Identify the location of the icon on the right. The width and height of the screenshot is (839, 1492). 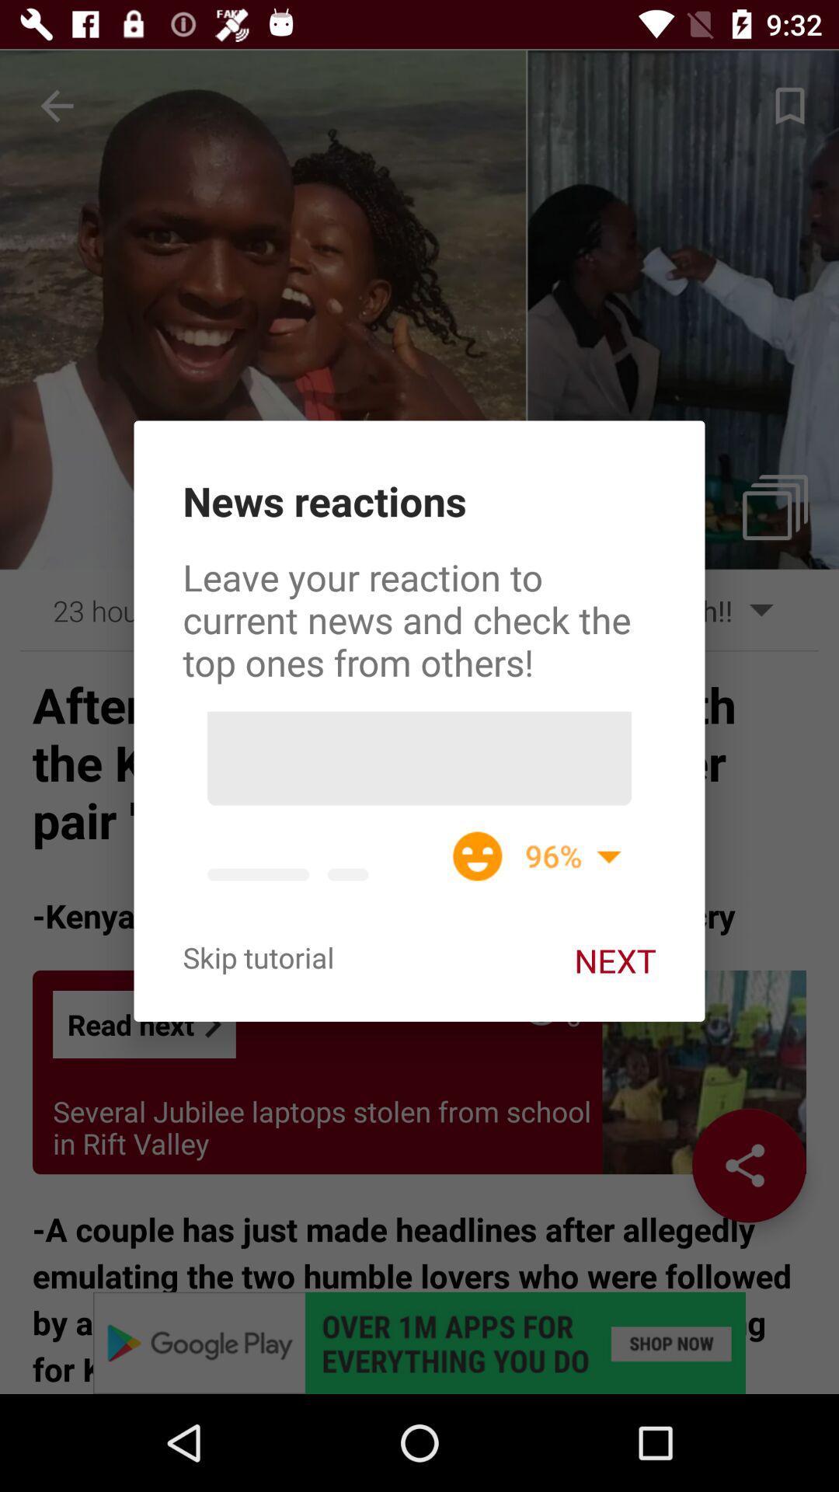
(614, 960).